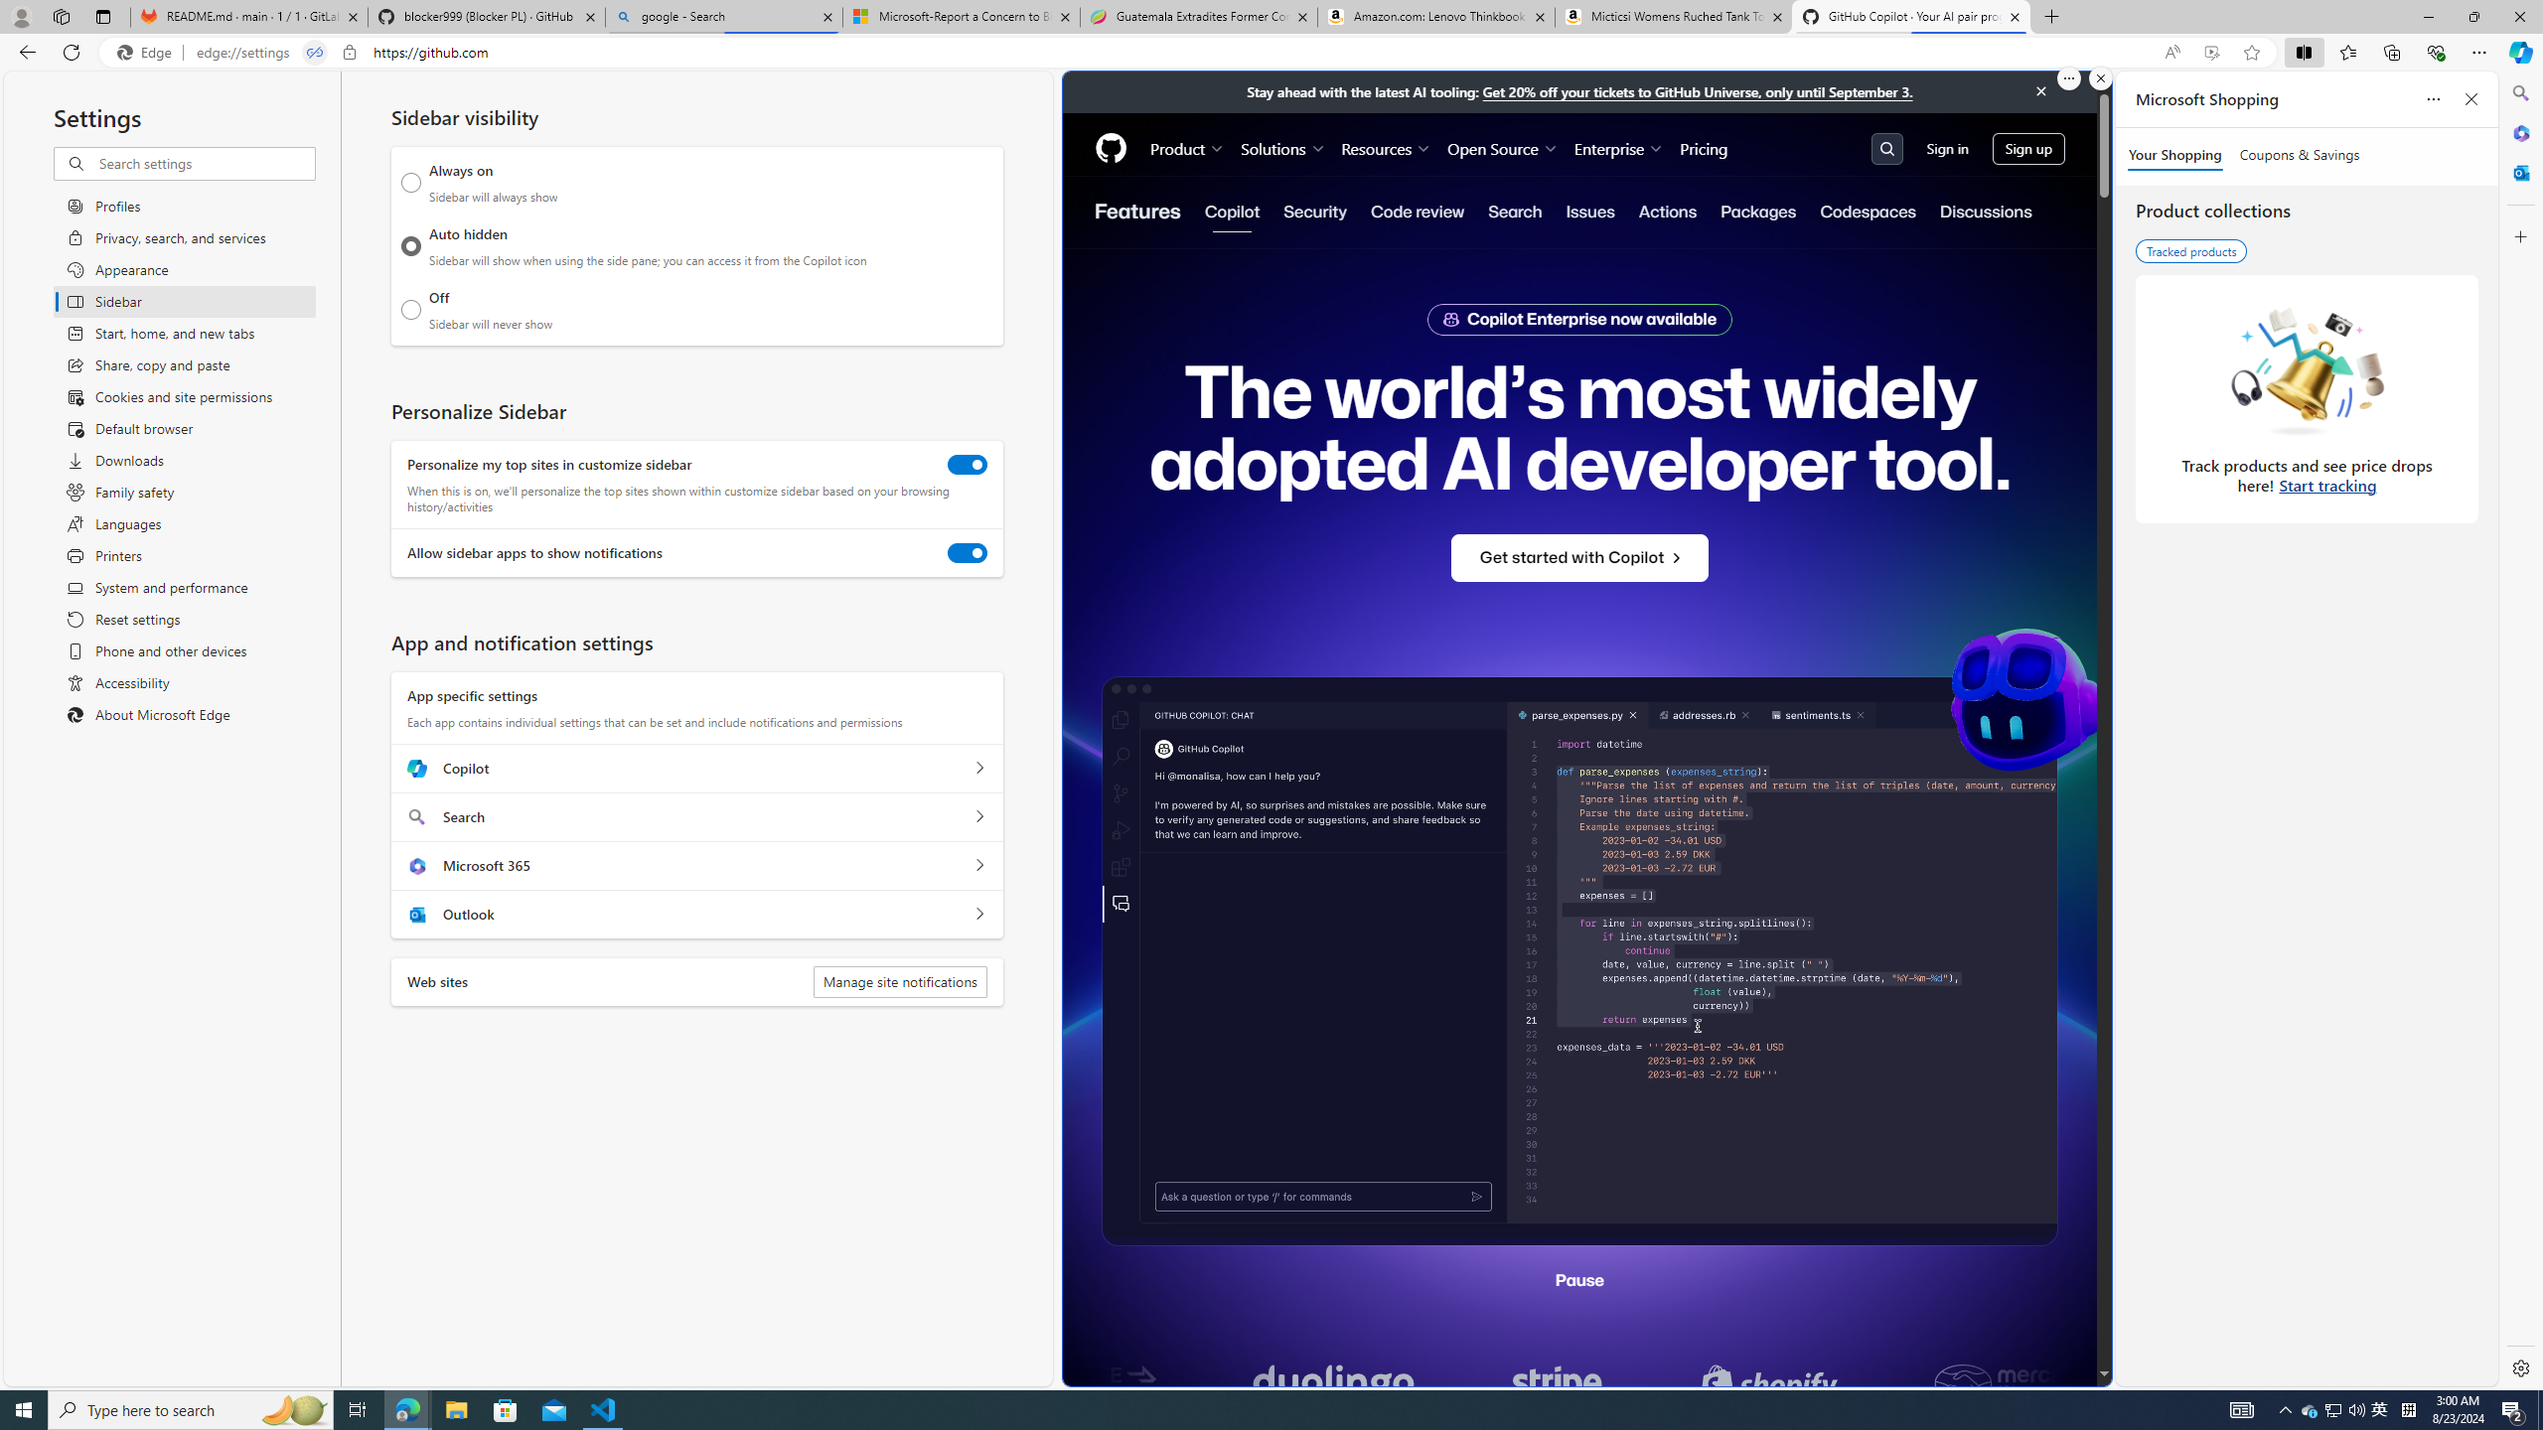 This screenshot has height=1430, width=2543. I want to click on 'Resources', so click(1385, 148).